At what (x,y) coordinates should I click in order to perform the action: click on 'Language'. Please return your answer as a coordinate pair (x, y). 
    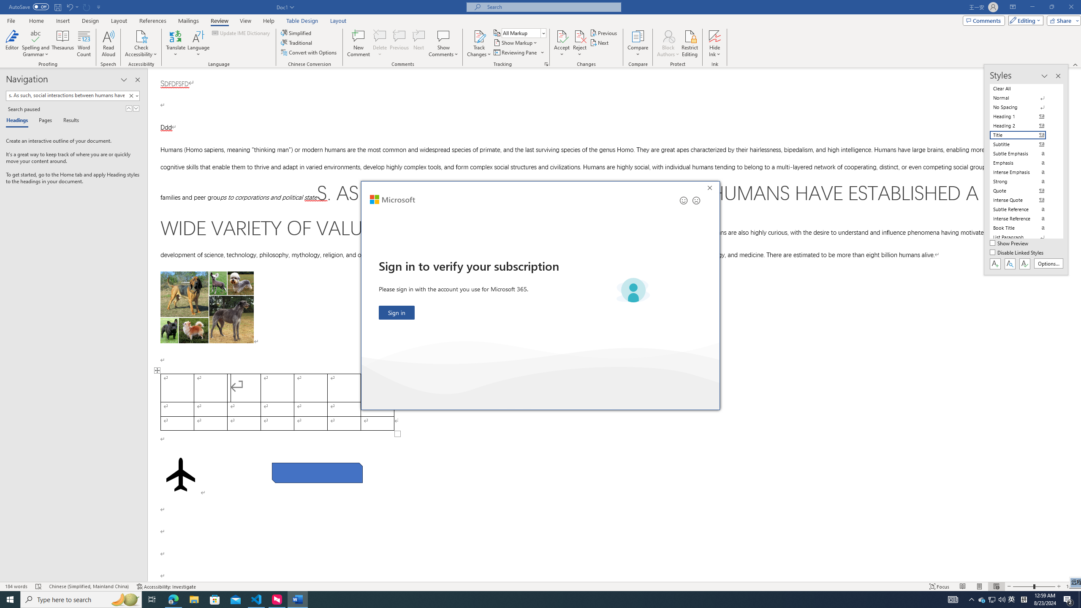
    Looking at the image, I should click on (198, 43).